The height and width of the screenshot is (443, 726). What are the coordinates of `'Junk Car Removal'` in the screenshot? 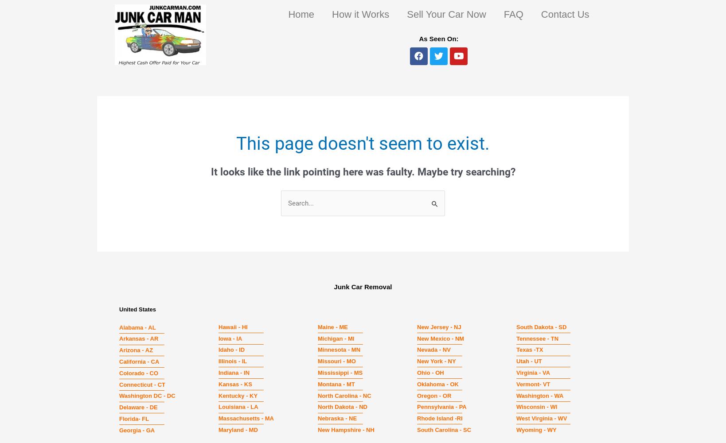 It's located at (363, 286).